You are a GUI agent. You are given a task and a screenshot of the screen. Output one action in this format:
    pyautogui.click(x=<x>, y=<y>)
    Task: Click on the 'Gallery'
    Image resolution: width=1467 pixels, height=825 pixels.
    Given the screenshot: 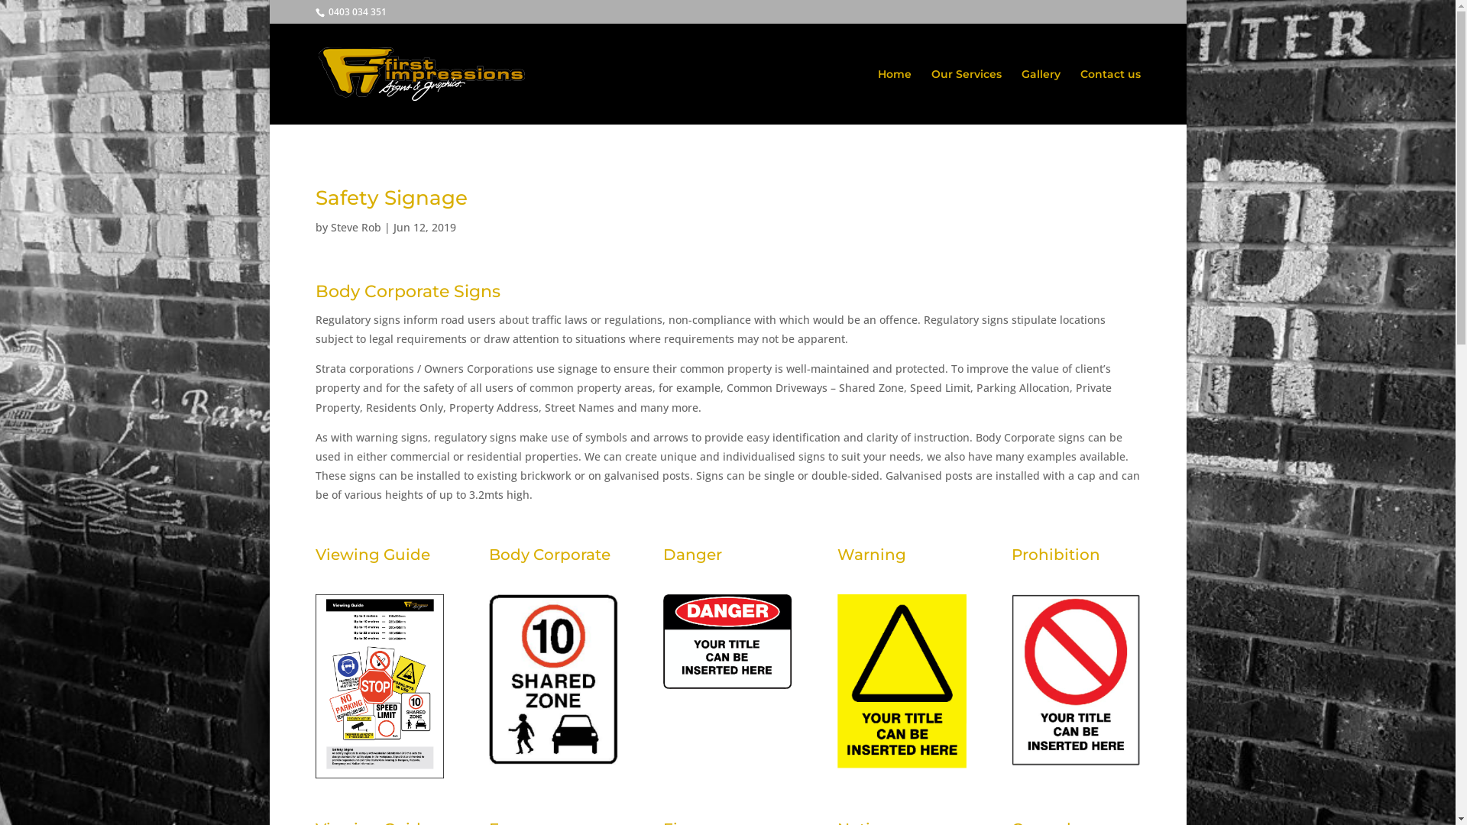 What is the action you would take?
    pyautogui.click(x=1039, y=96)
    